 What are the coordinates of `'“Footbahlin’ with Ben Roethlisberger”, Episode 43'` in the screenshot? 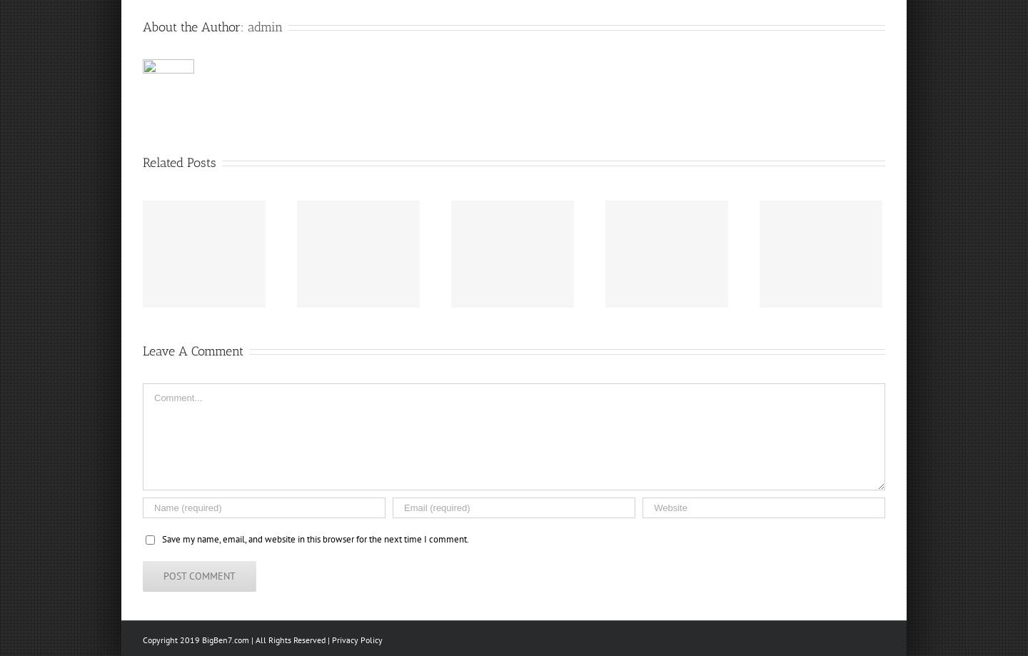 It's located at (81, 268).